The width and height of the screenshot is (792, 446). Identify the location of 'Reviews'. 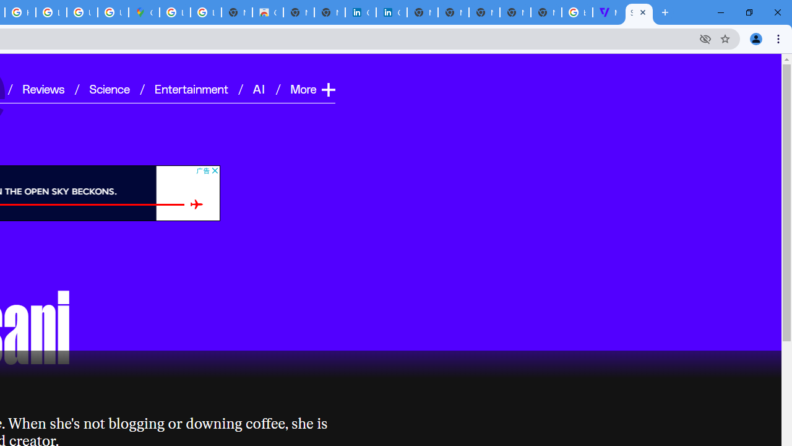
(43, 87).